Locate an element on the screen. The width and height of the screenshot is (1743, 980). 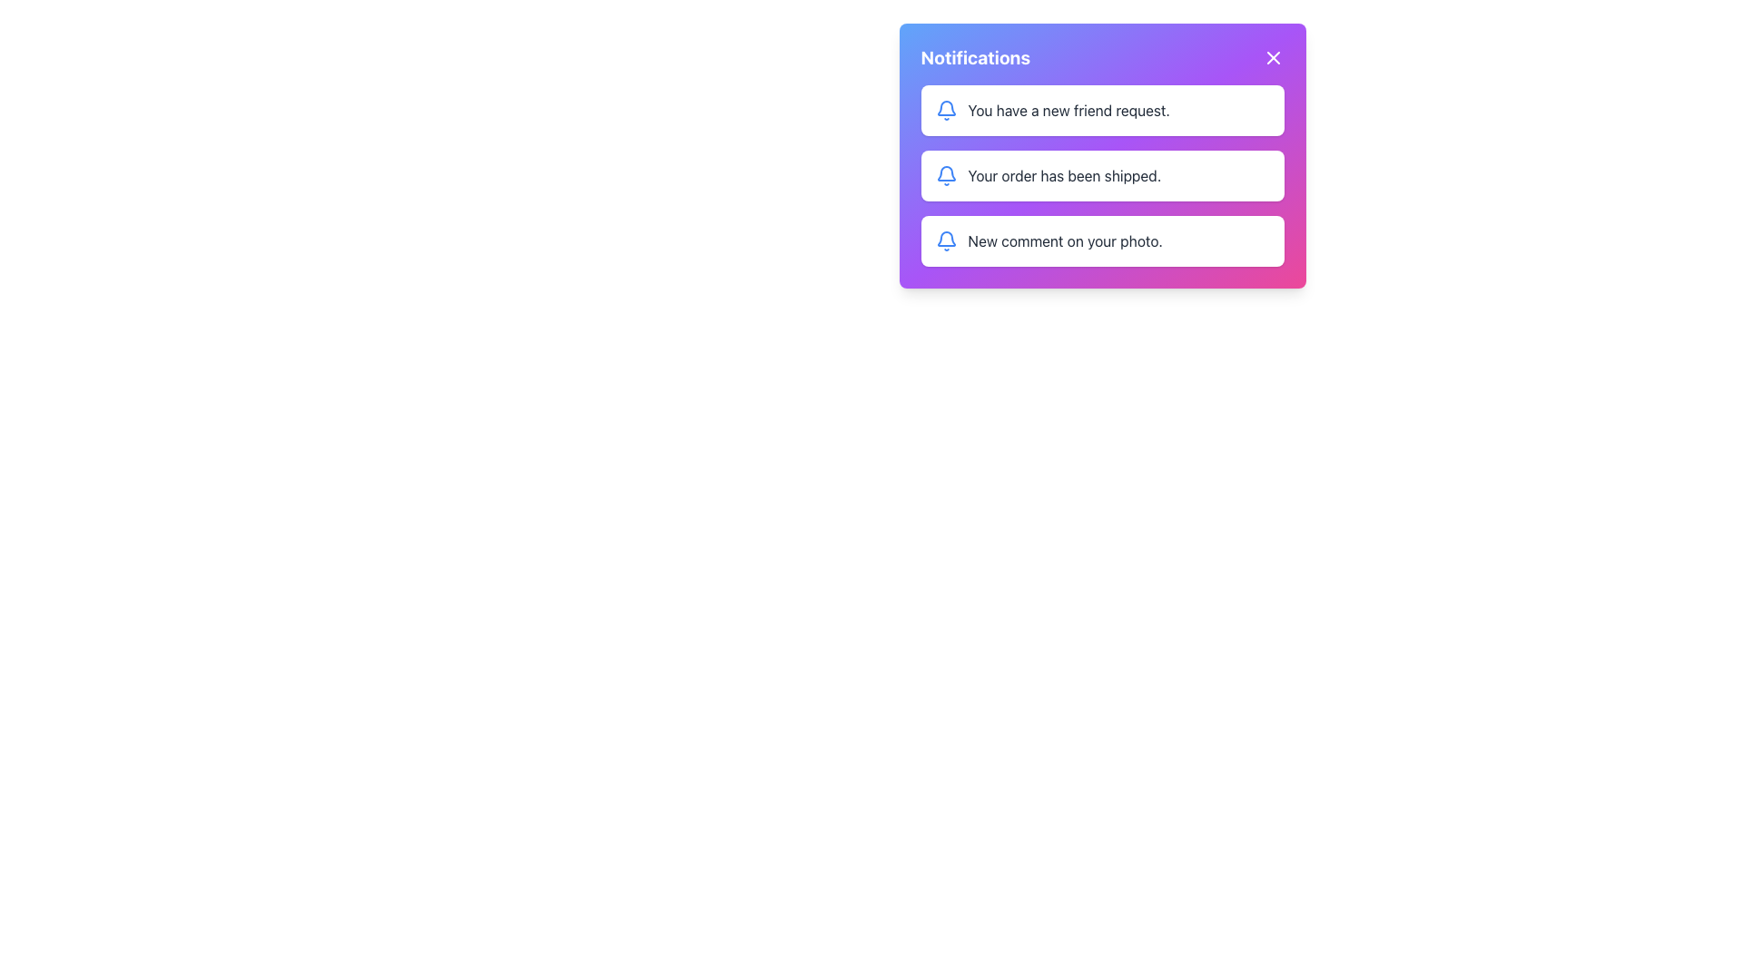
text of the new comment notification card, which is the third item in the vertical stack of notifications is located at coordinates (1101, 240).